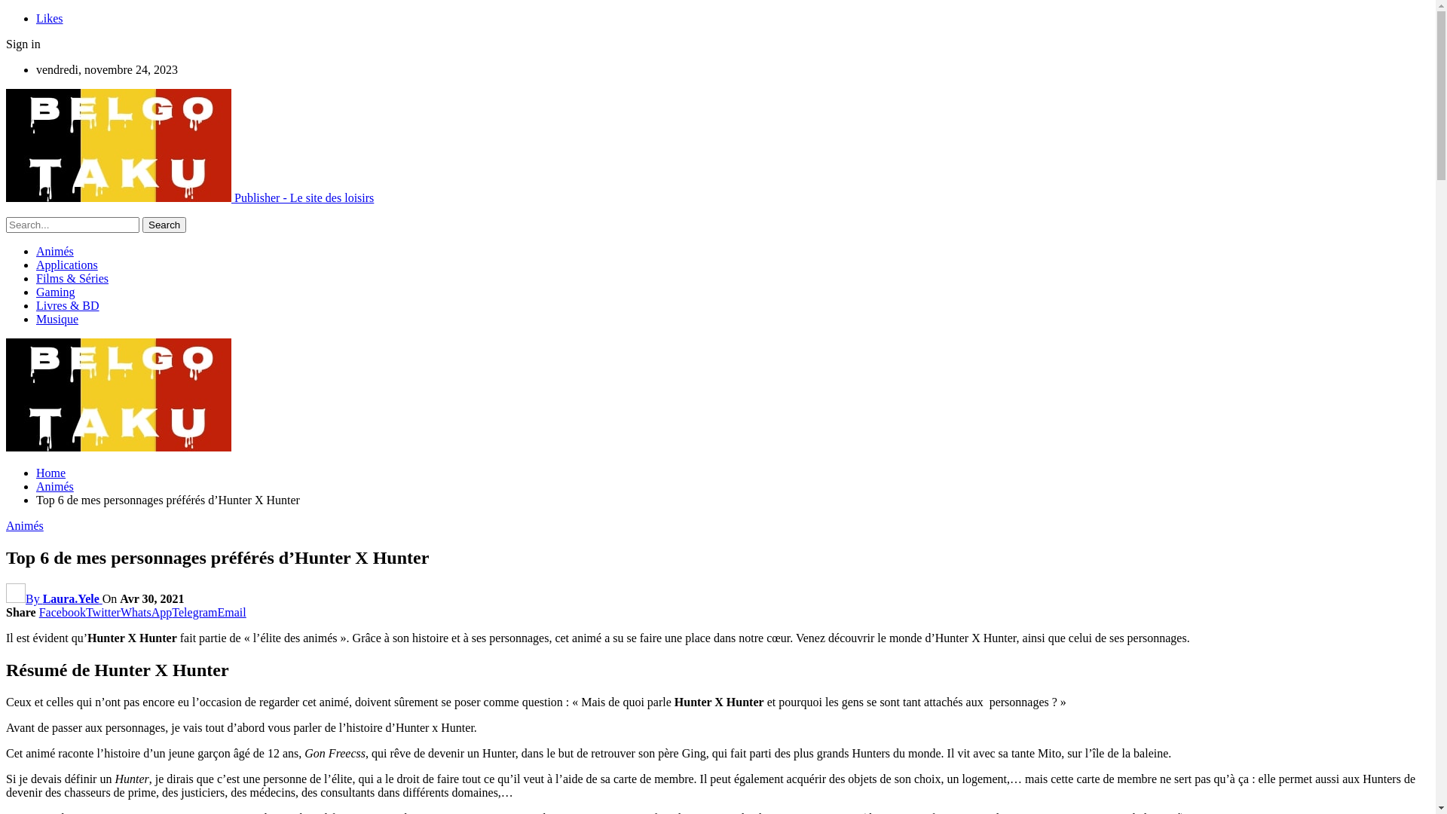 The image size is (1447, 814). What do you see at coordinates (66, 264) in the screenshot?
I see `'Applications'` at bounding box center [66, 264].